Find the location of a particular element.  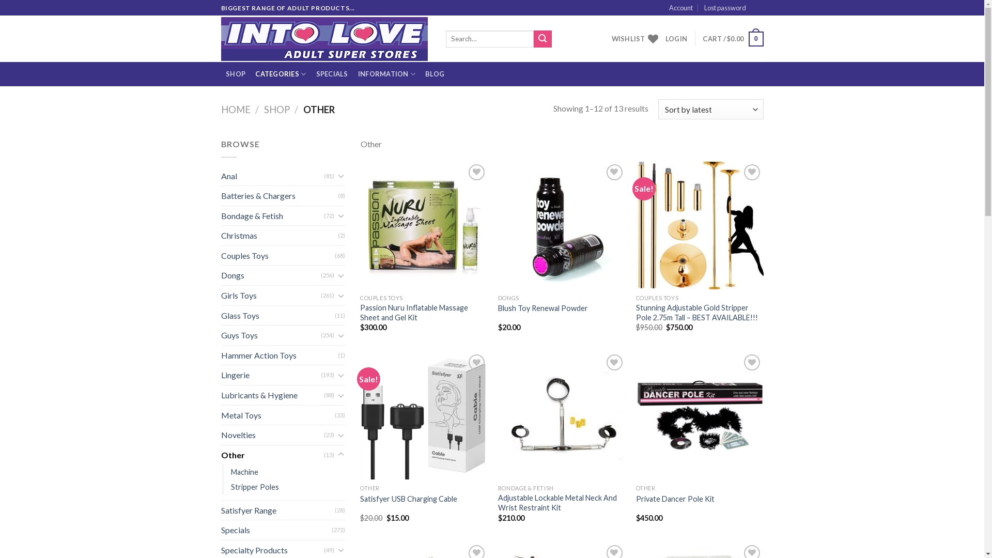

'HOME' is located at coordinates (220, 110).